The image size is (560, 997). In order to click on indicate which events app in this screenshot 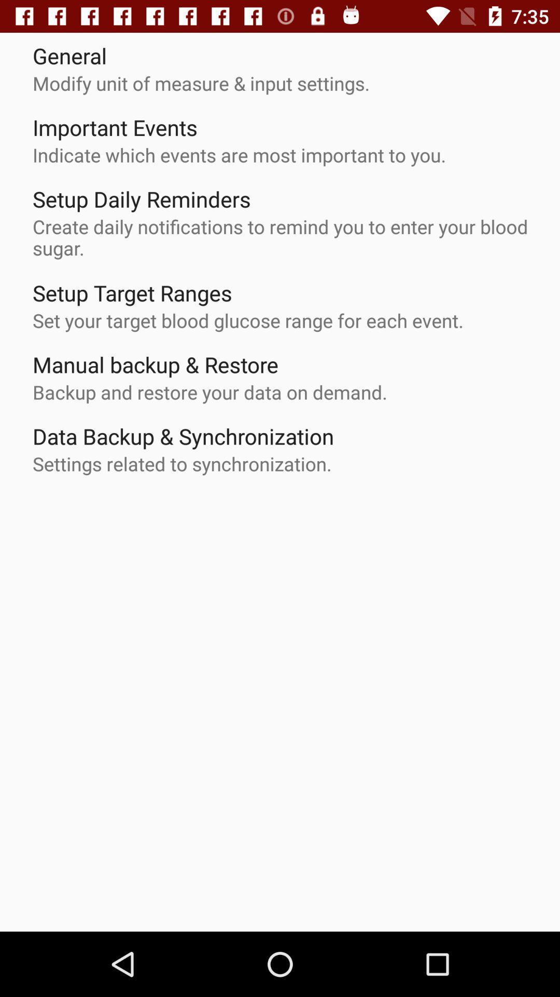, I will do `click(239, 154)`.